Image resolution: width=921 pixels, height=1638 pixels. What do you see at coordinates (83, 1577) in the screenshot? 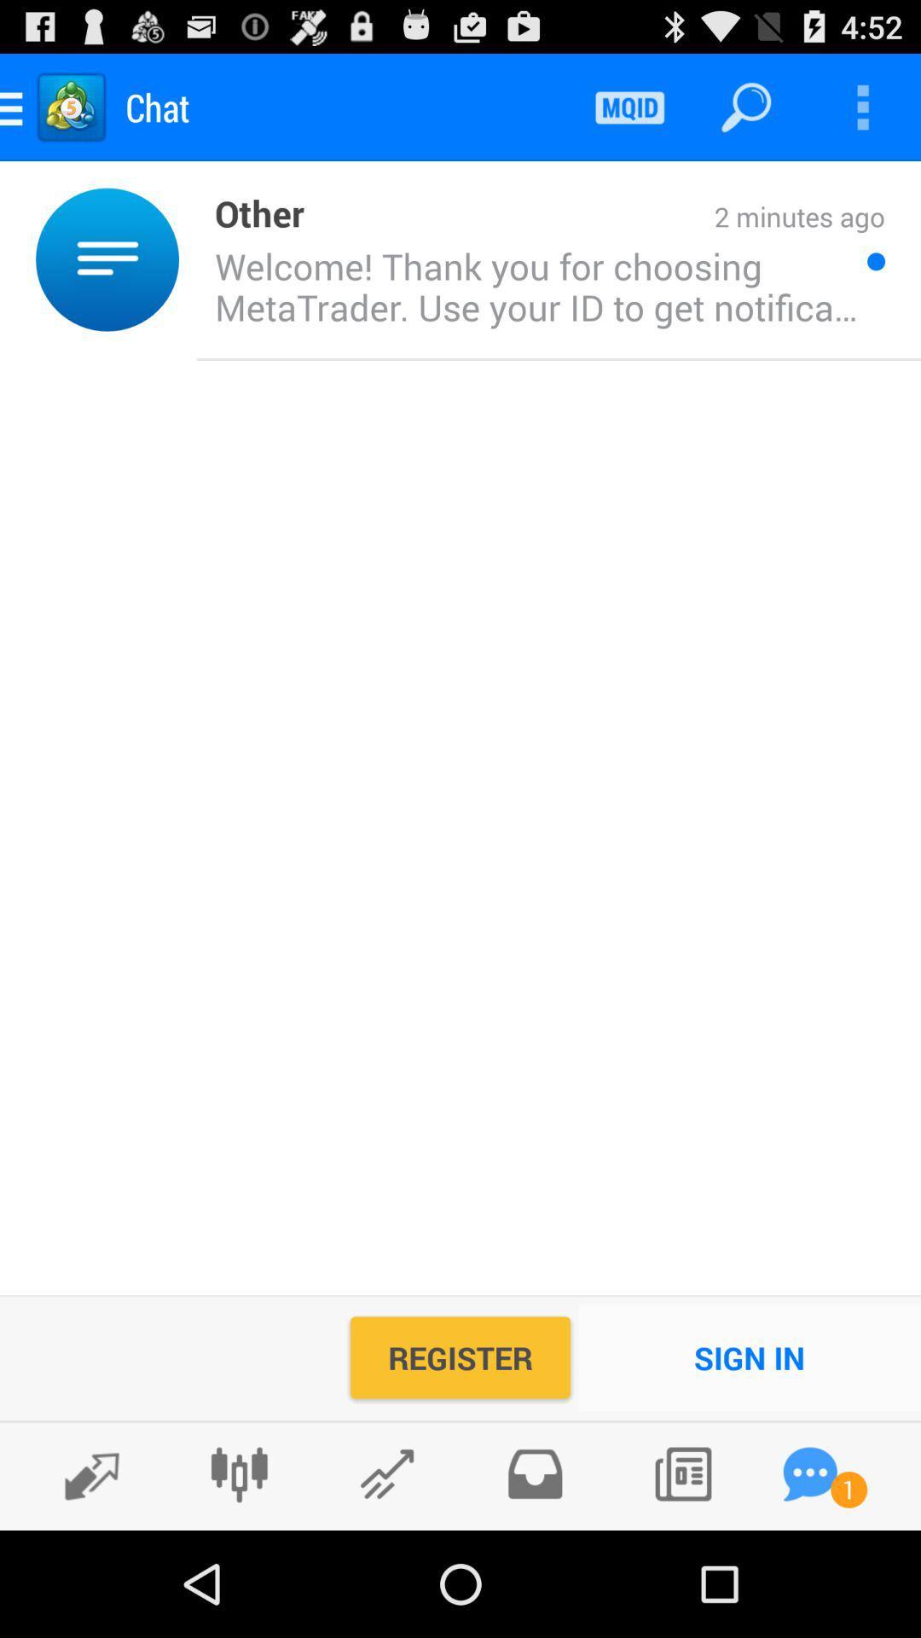
I see `the edit icon` at bounding box center [83, 1577].